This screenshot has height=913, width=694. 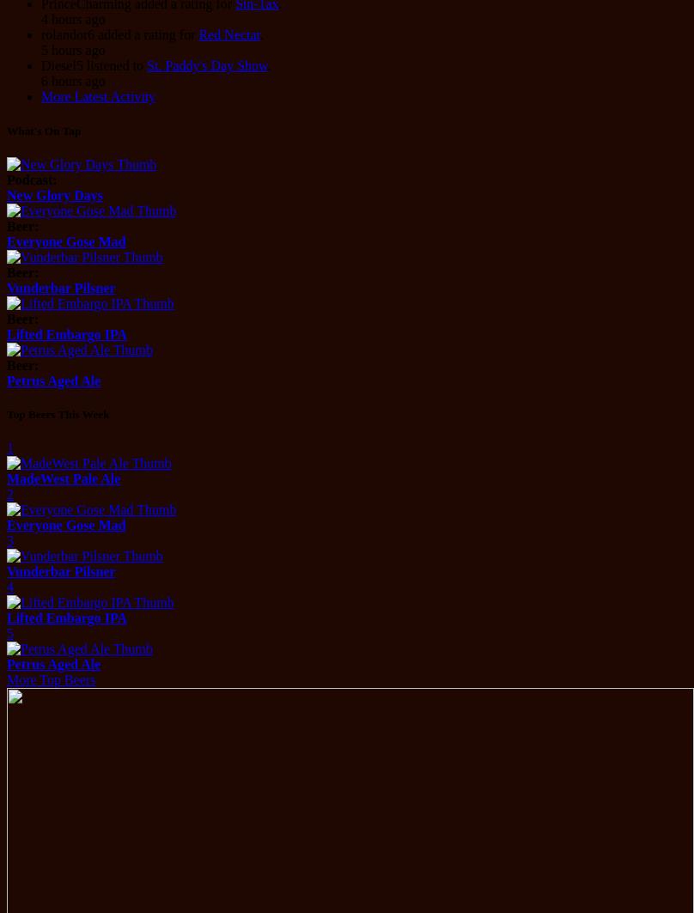 What do you see at coordinates (73, 19) in the screenshot?
I see `'4 hours ago'` at bounding box center [73, 19].